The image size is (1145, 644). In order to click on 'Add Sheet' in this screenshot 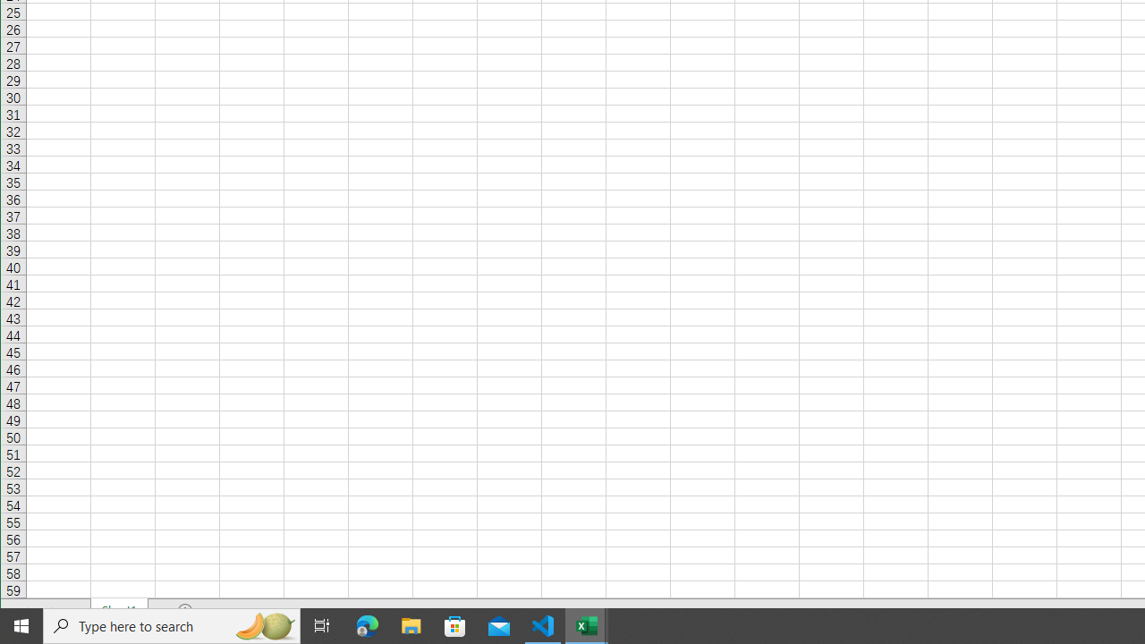, I will do `click(186, 609)`.